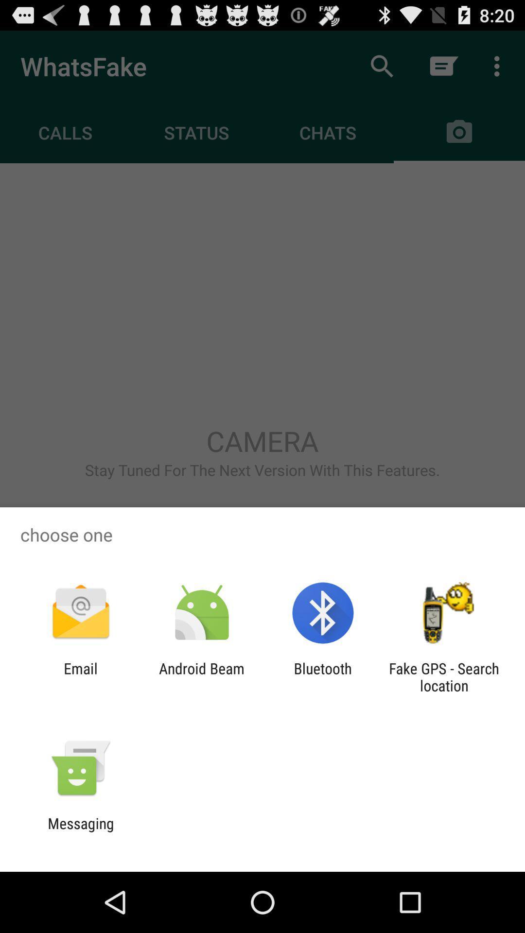  What do you see at coordinates (444, 676) in the screenshot?
I see `the icon next to bluetooth app` at bounding box center [444, 676].